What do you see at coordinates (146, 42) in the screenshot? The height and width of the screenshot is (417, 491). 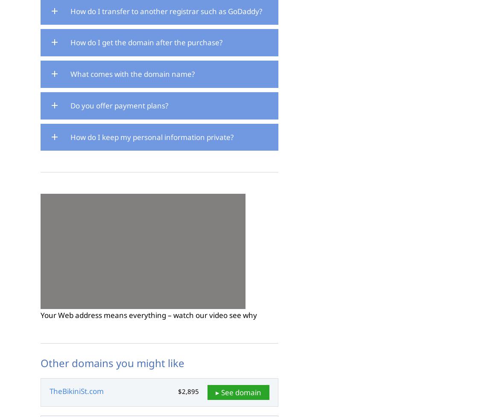 I see `'How do I get the domain after the purchase?'` at bounding box center [146, 42].